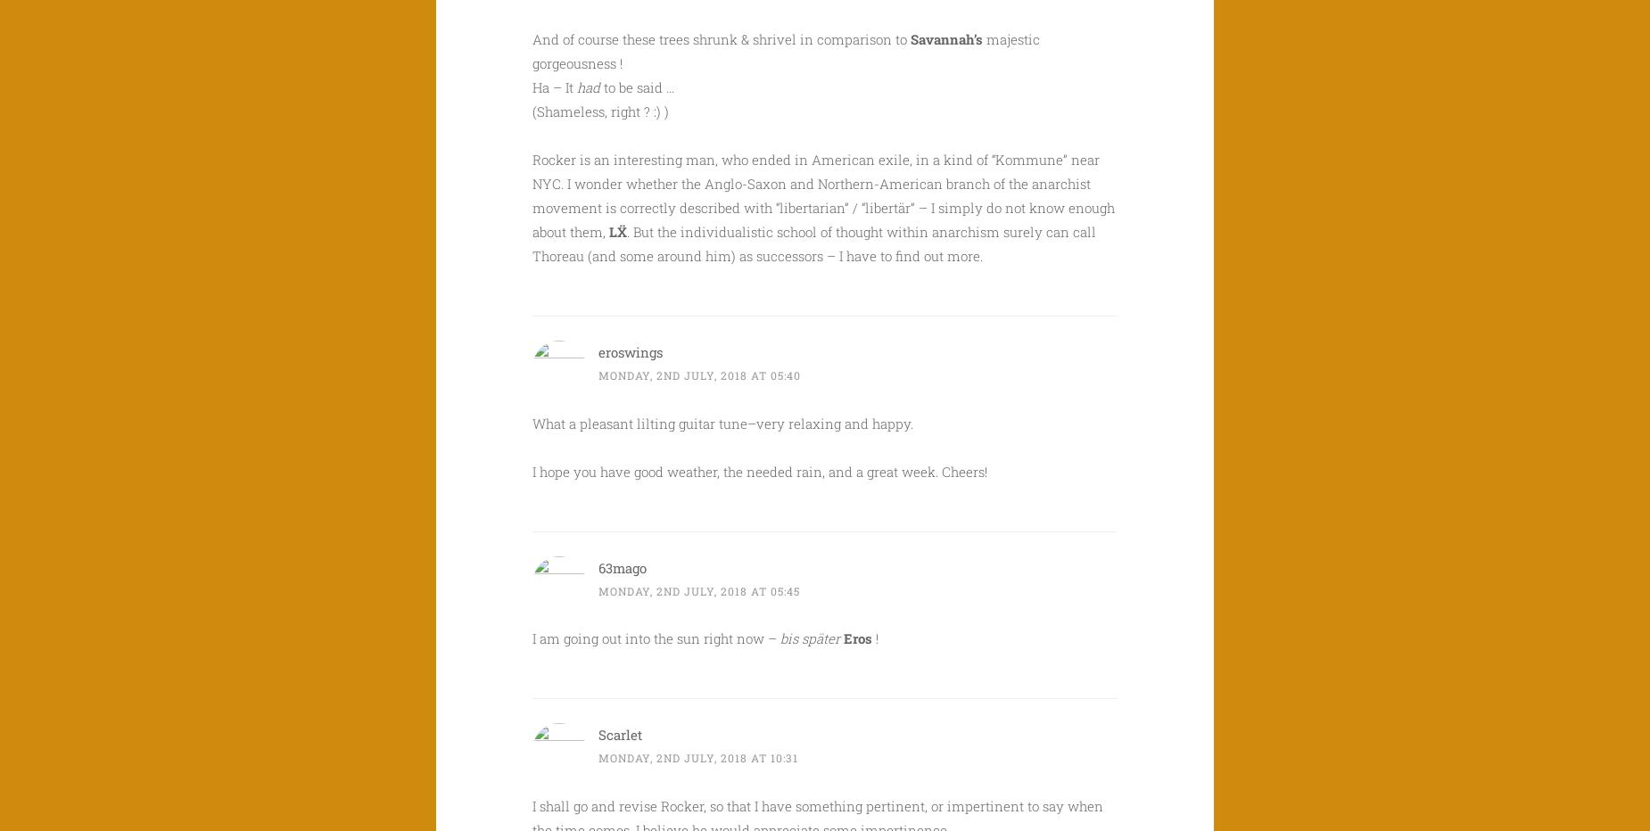 This screenshot has height=831, width=1650. I want to click on 'to be said …', so click(638, 87).